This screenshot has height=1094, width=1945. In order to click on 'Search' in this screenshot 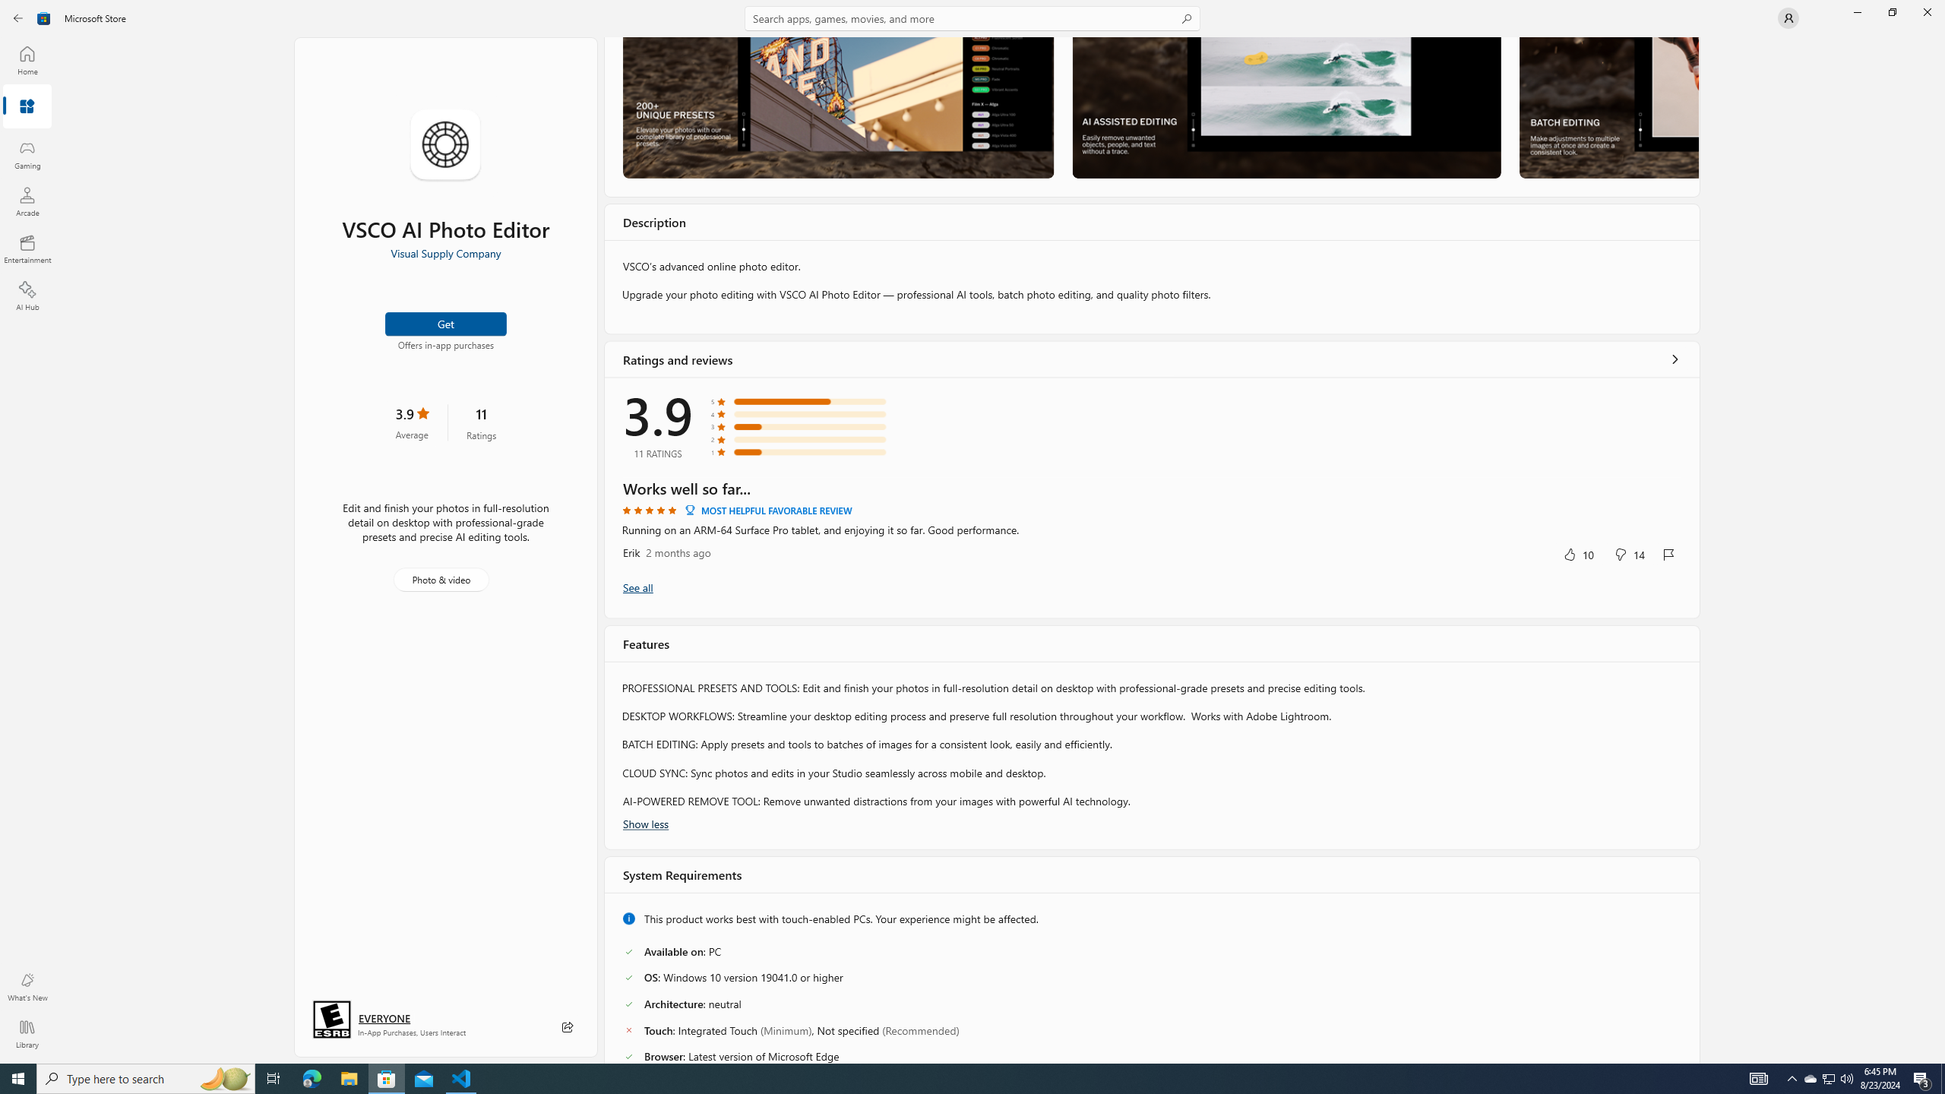, I will do `click(972, 17)`.